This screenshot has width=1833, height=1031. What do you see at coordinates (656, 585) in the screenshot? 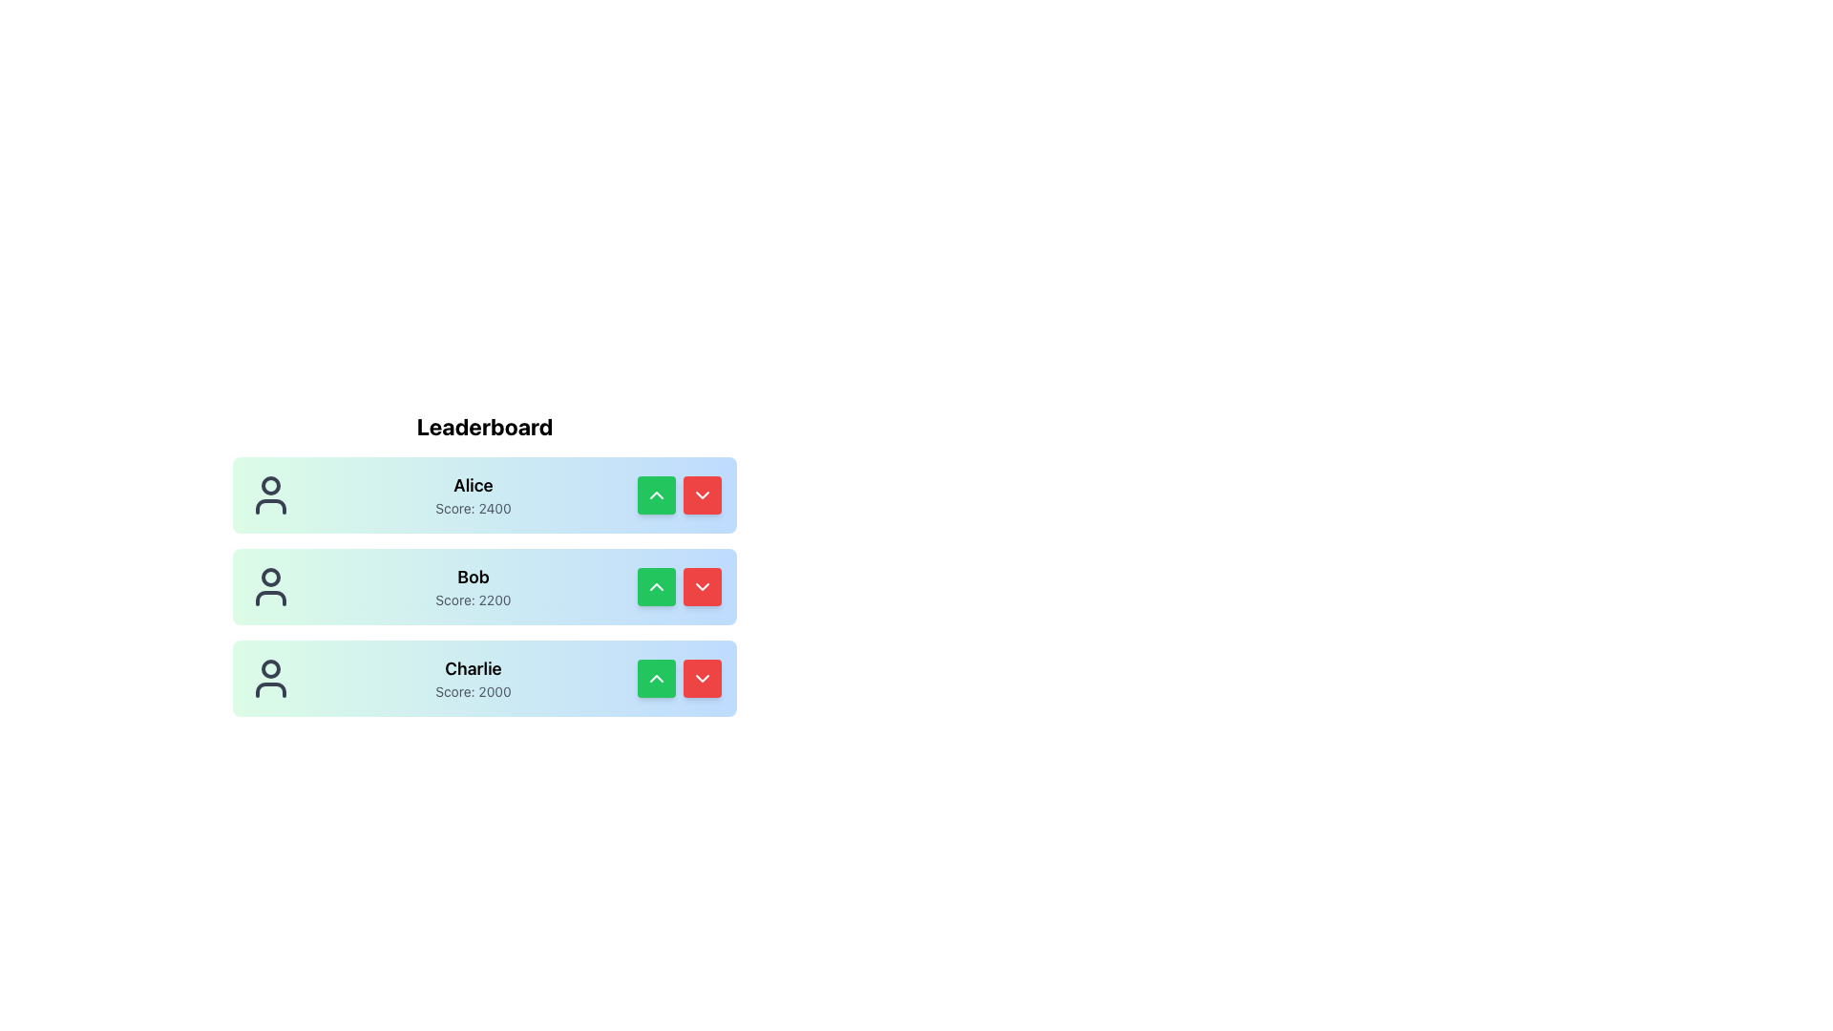
I see `the upward chevron icon button associated with 'Bob' to register an upward ranking action` at bounding box center [656, 585].